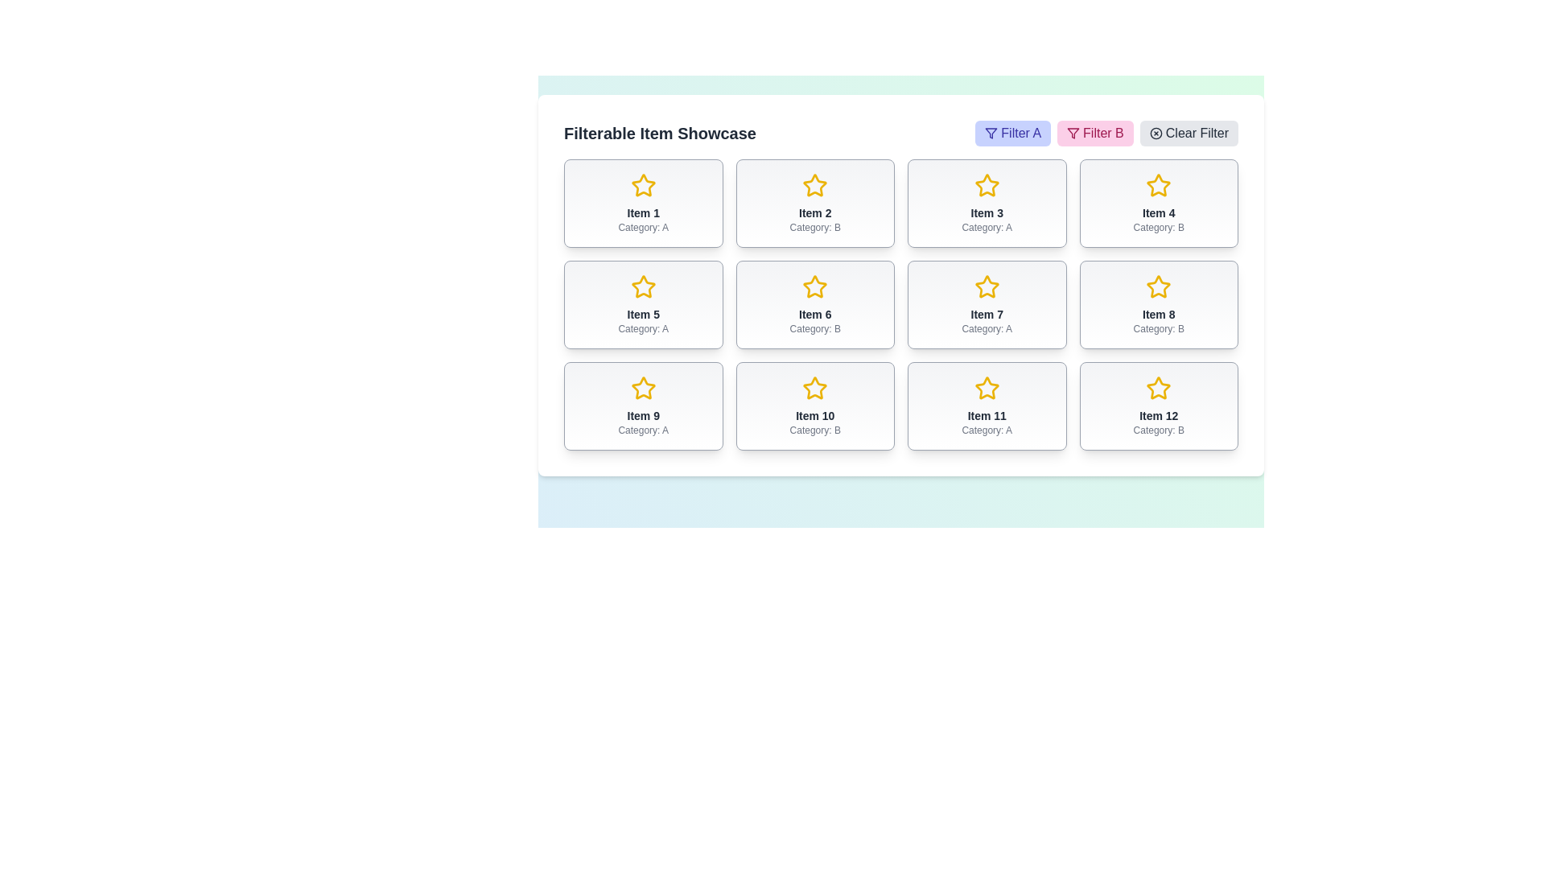 The image size is (1545, 869). What do you see at coordinates (1159, 184) in the screenshot?
I see `the star-shaped icon with a bold, golden yellow outline located in the top row of the grid, farthest to the right, above the label 'Item 4 Category: B'` at bounding box center [1159, 184].